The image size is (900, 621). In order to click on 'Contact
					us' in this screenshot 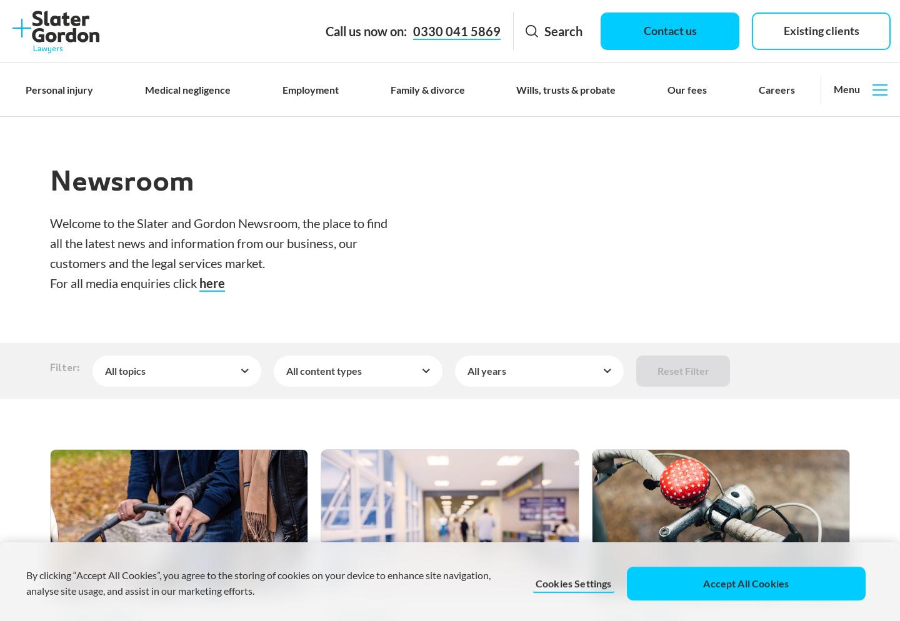, I will do `click(669, 30)`.